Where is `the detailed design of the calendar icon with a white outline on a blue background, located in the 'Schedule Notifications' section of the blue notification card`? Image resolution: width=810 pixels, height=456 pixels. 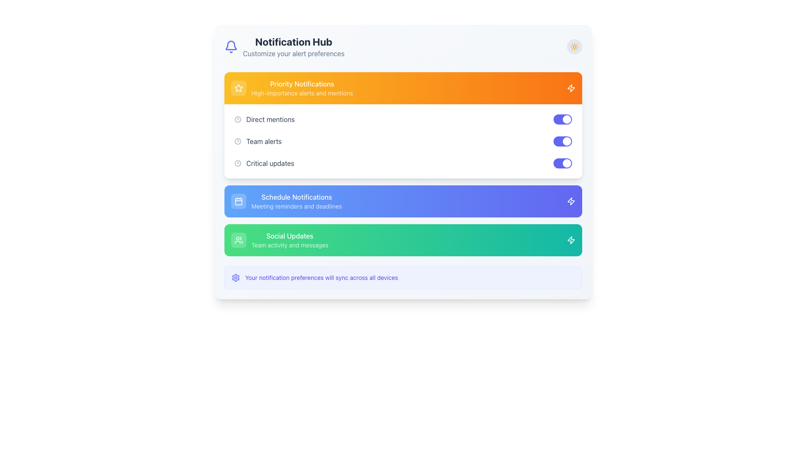
the detailed design of the calendar icon with a white outline on a blue background, located in the 'Schedule Notifications' section of the blue notification card is located at coordinates (238, 201).